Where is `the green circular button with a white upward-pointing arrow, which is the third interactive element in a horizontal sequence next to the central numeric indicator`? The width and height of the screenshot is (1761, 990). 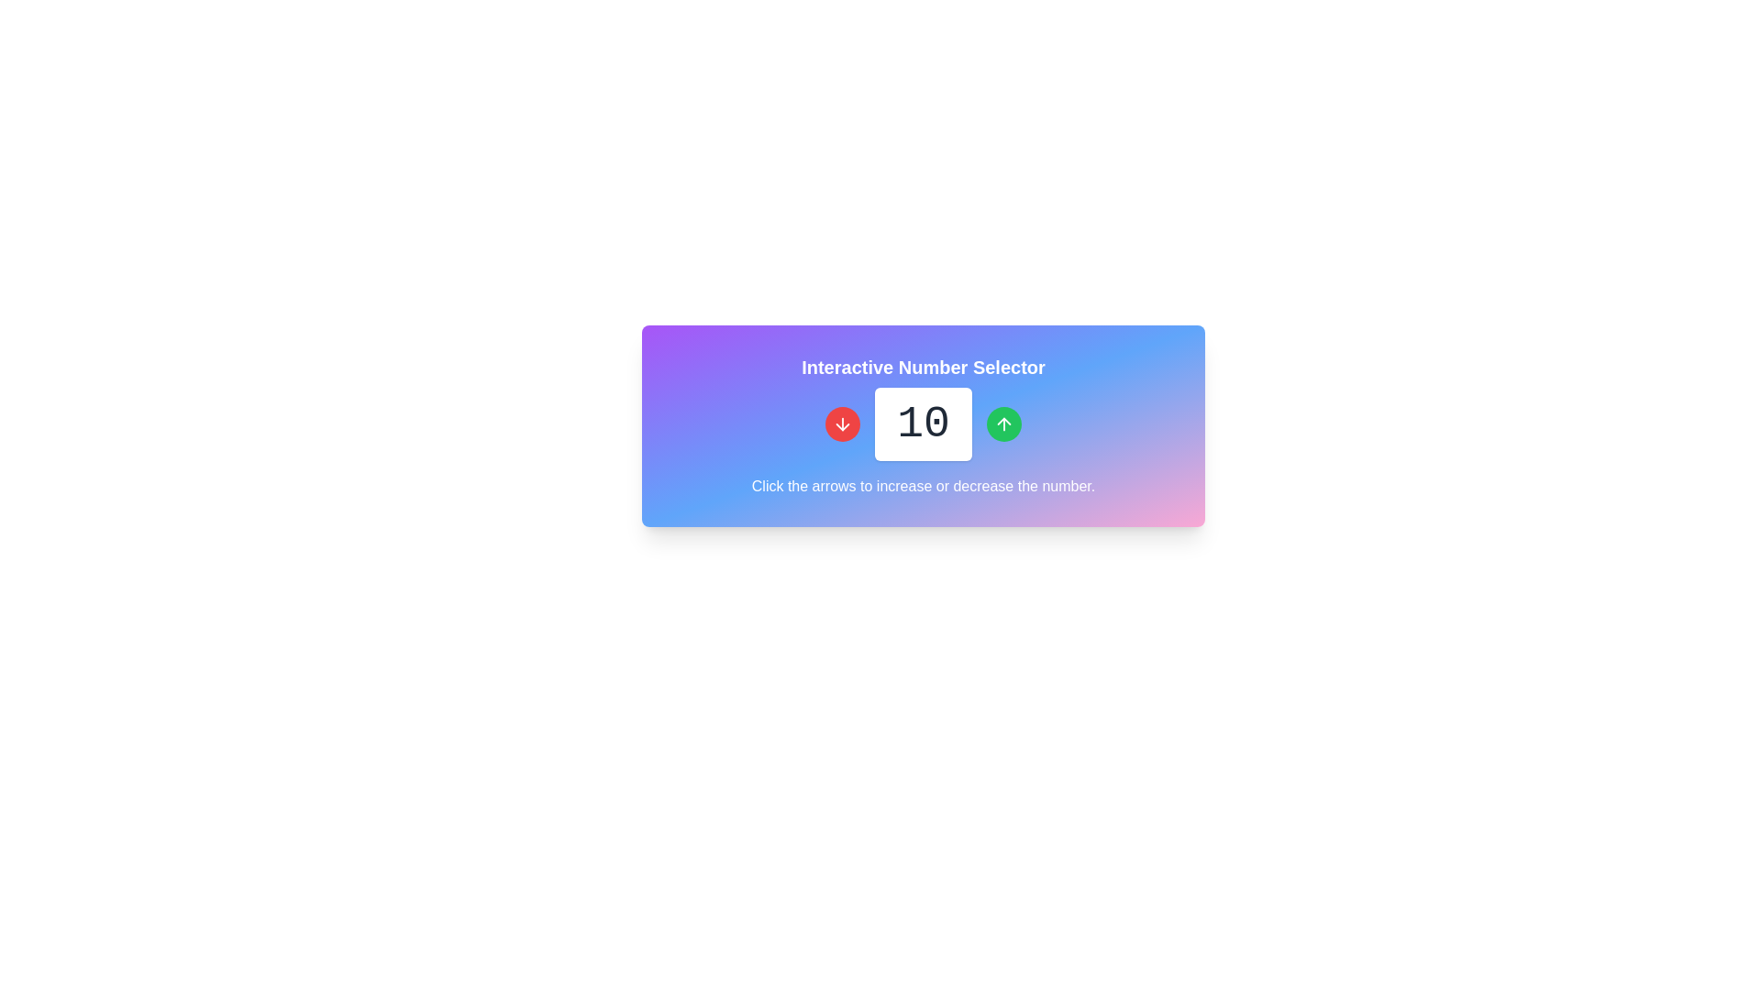 the green circular button with a white upward-pointing arrow, which is the third interactive element in a horizontal sequence next to the central numeric indicator is located at coordinates (1002, 423).